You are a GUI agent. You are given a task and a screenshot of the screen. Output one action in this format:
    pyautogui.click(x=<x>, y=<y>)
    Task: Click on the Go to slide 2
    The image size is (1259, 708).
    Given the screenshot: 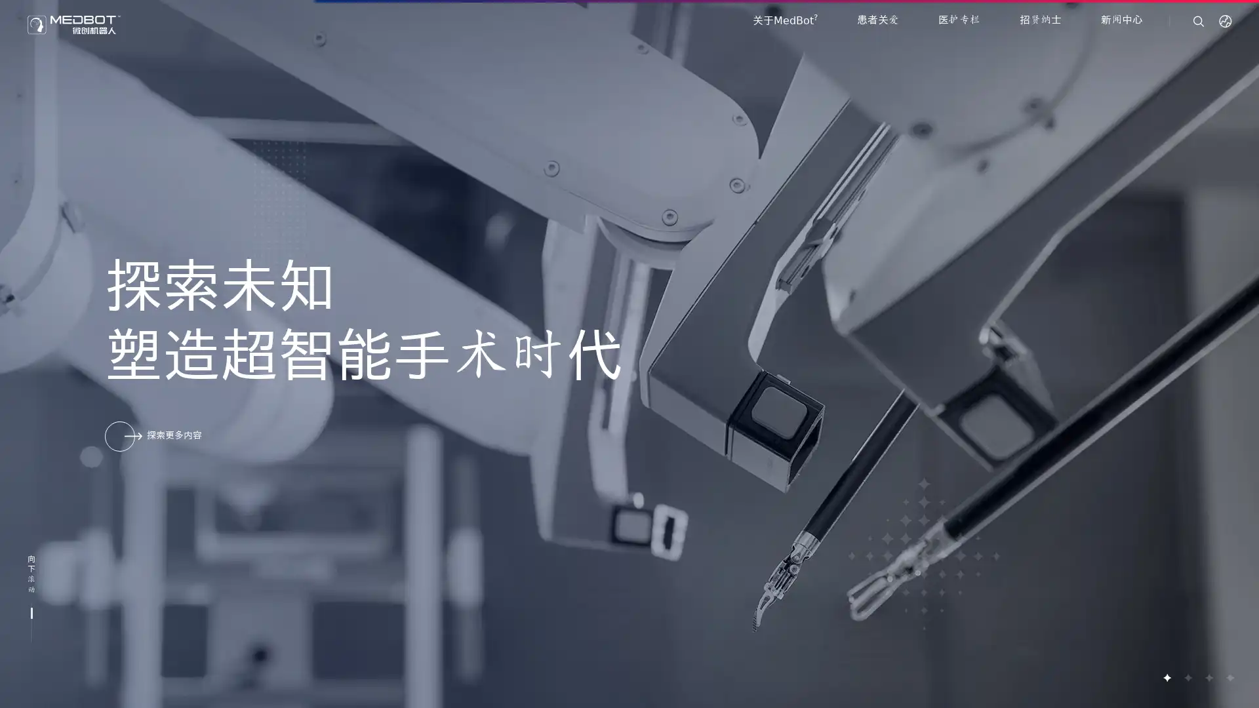 What is the action you would take?
    pyautogui.click(x=1187, y=677)
    